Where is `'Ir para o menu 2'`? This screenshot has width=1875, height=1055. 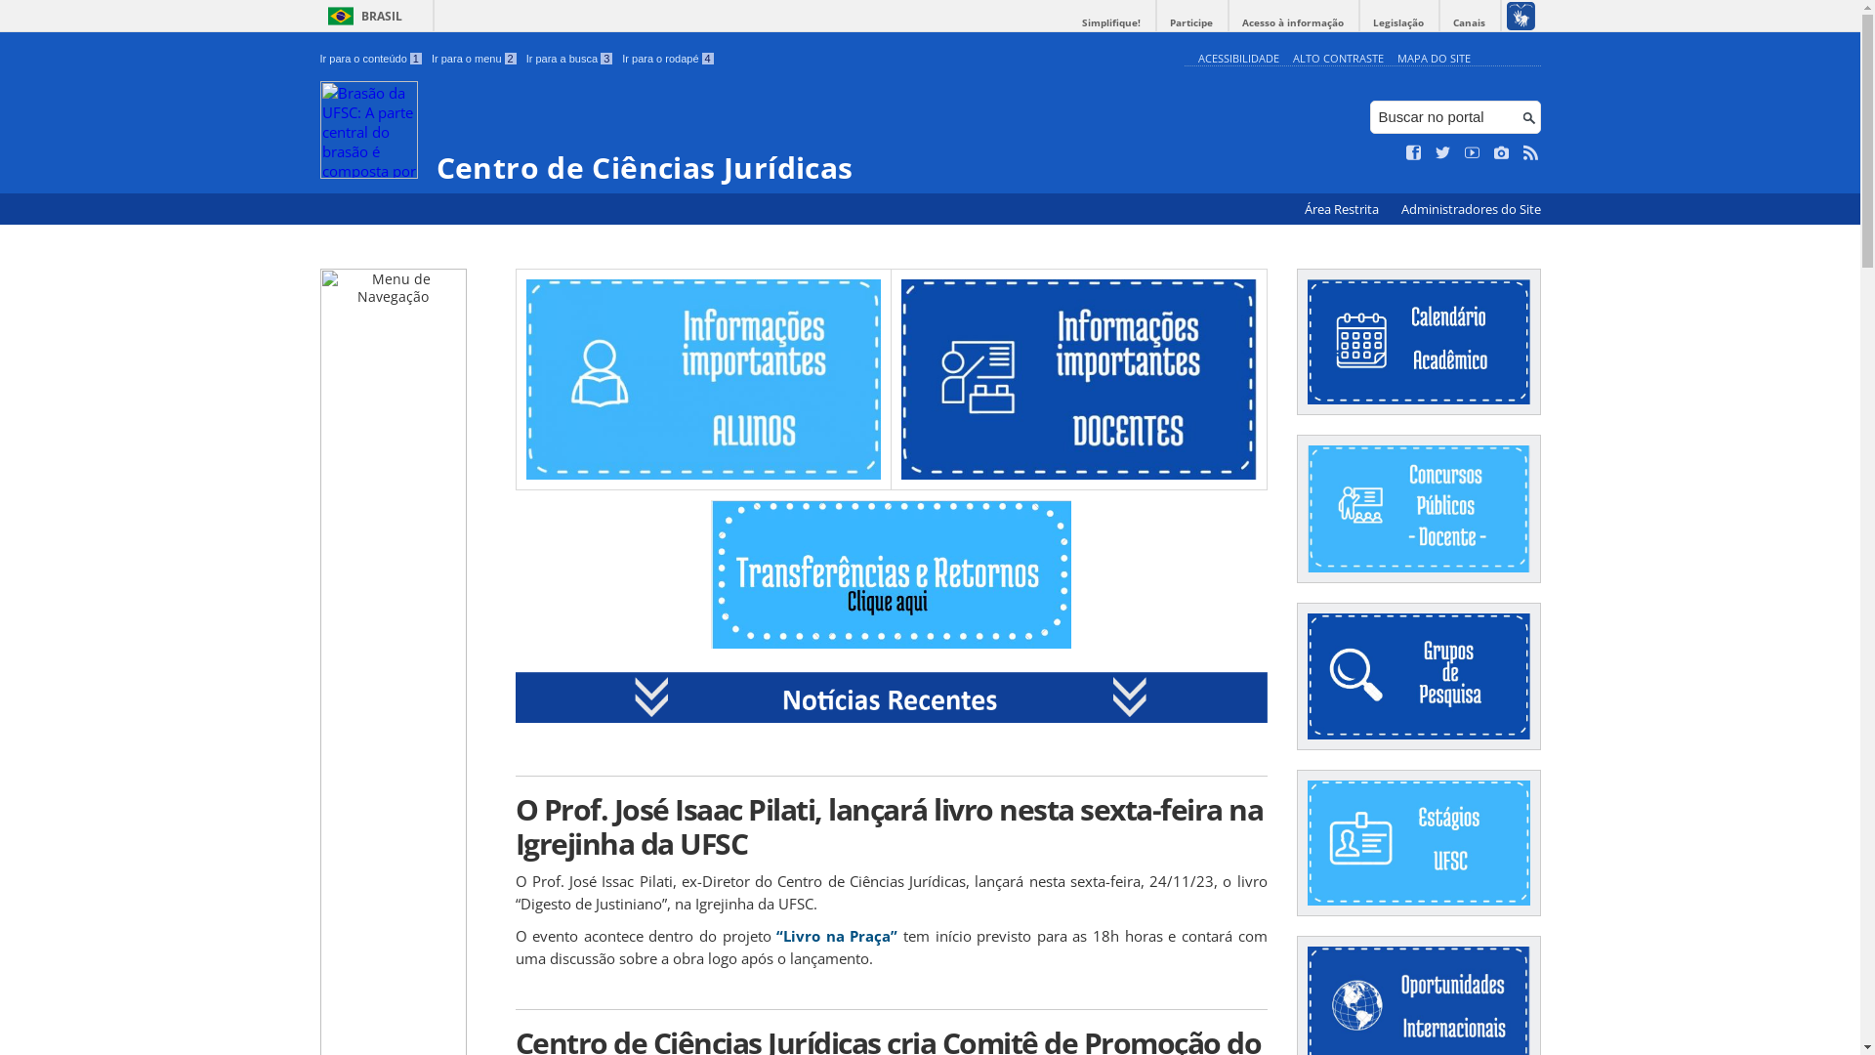
'Ir para o menu 2' is located at coordinates (474, 58).